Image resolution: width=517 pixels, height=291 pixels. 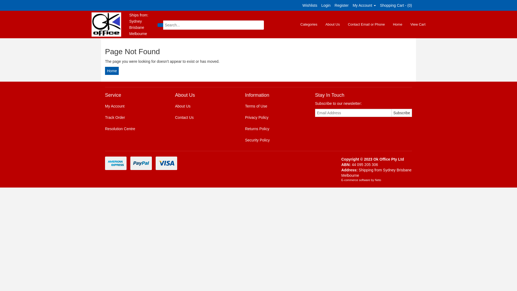 What do you see at coordinates (310, 5) in the screenshot?
I see `'Wishlists'` at bounding box center [310, 5].